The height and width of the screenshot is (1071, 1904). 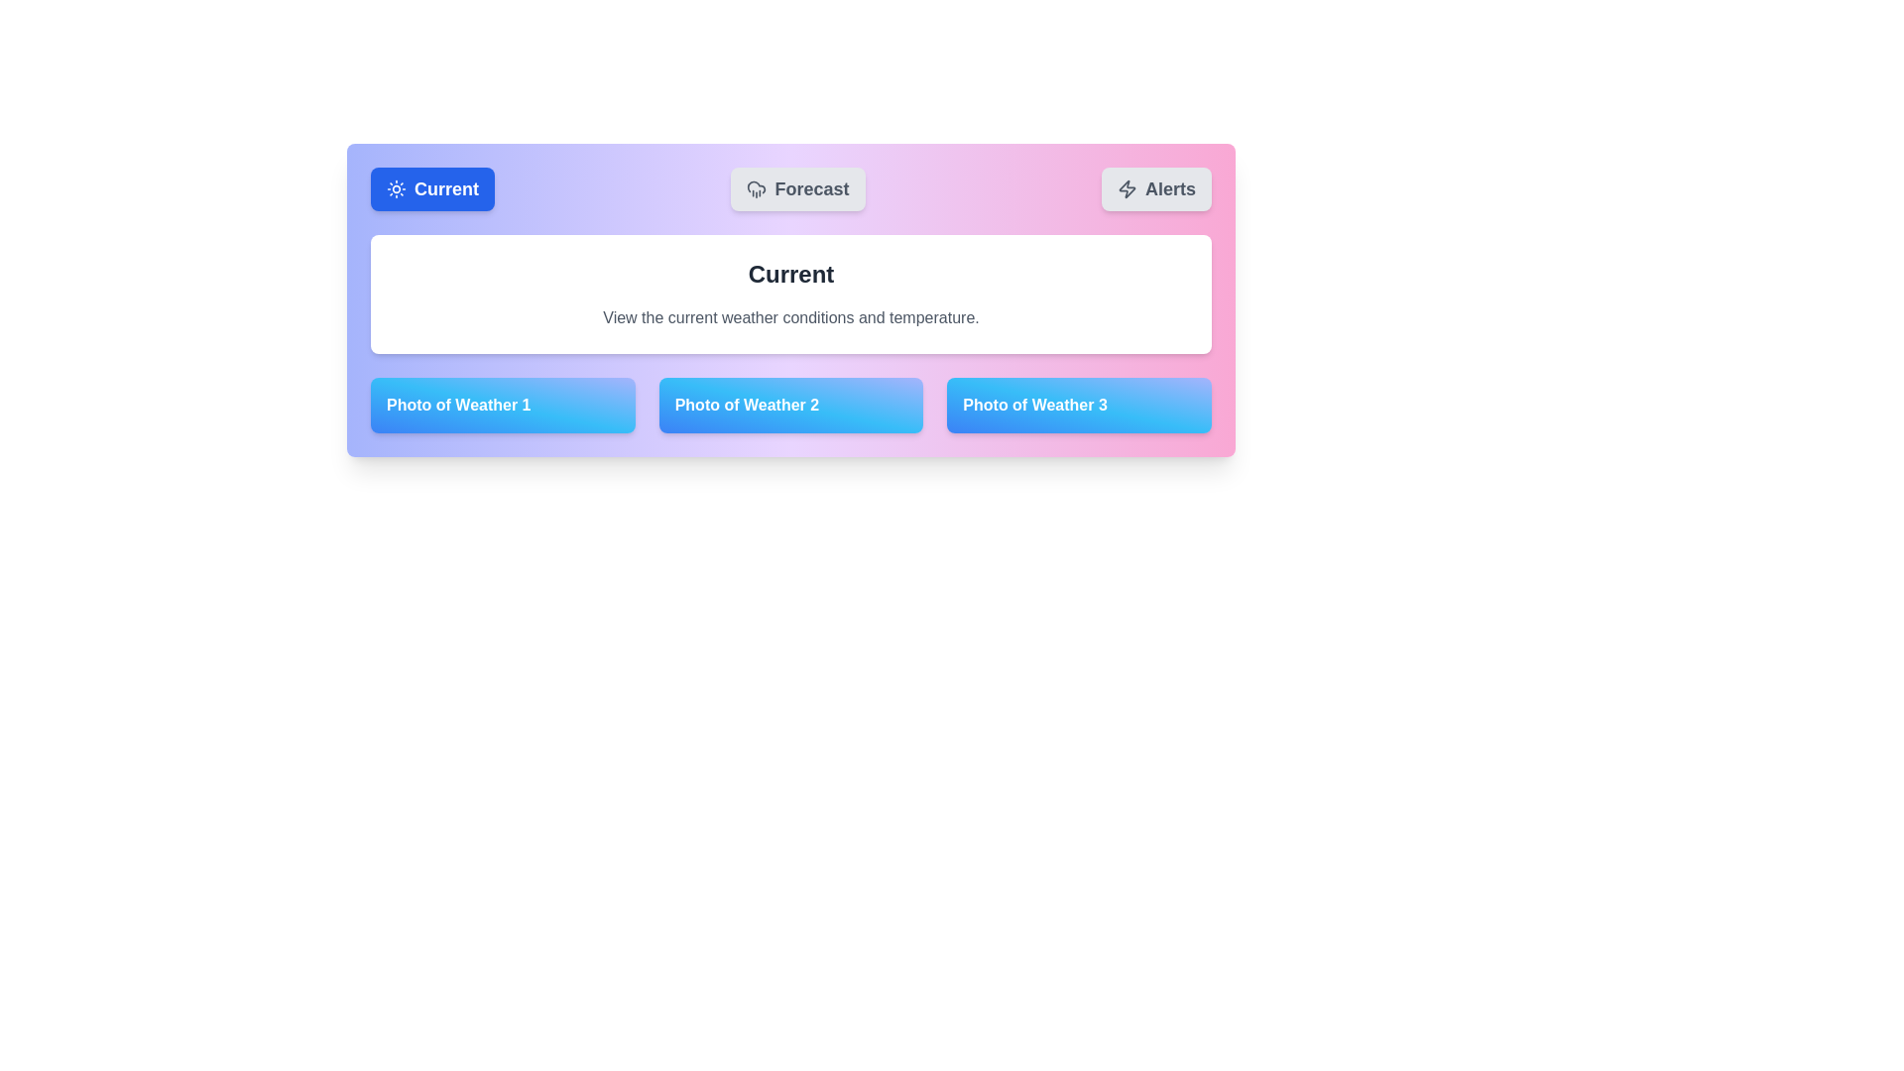 What do you see at coordinates (1078, 404) in the screenshot?
I see `the non-interactive styled text label or button representing 'Photo of Weather 3', located in the rightmost position of a row of three buttons below the 'Current' section` at bounding box center [1078, 404].